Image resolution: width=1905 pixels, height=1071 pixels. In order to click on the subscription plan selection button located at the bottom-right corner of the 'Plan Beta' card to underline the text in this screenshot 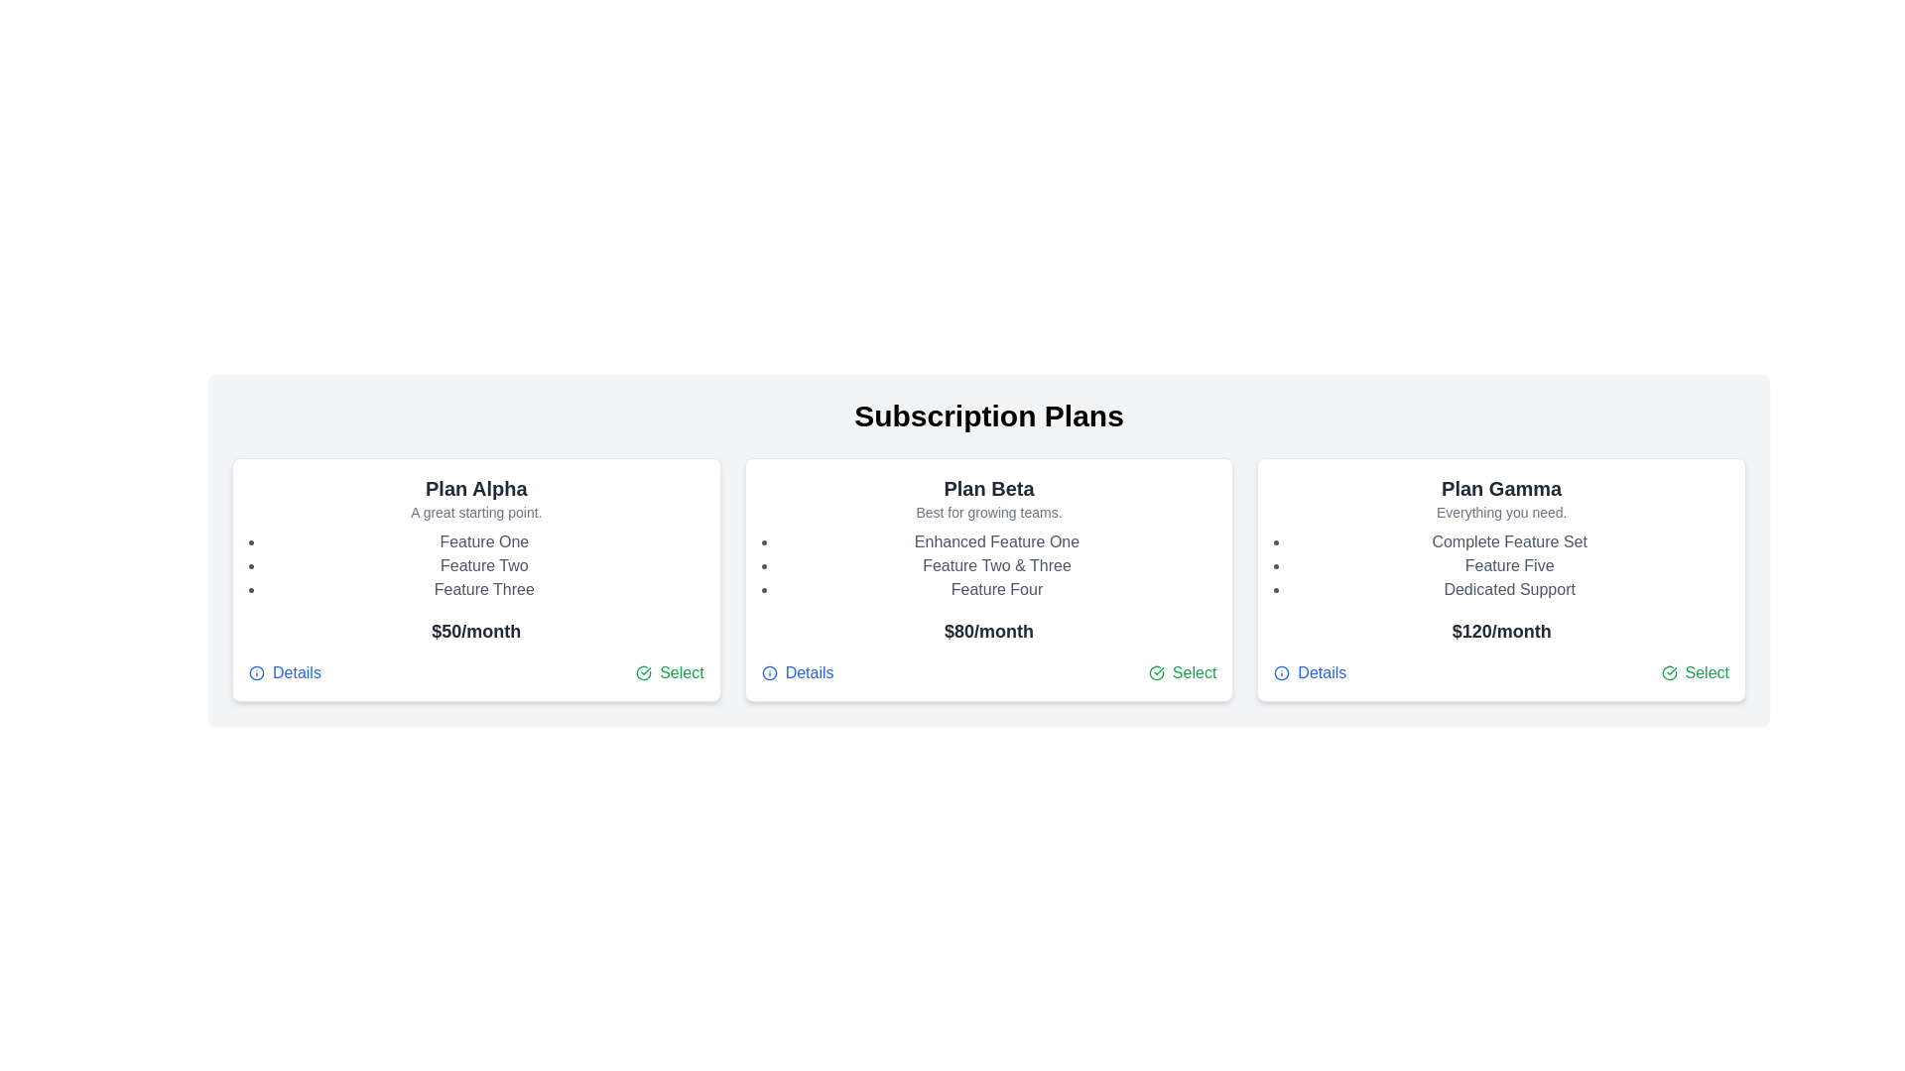, I will do `click(1183, 671)`.